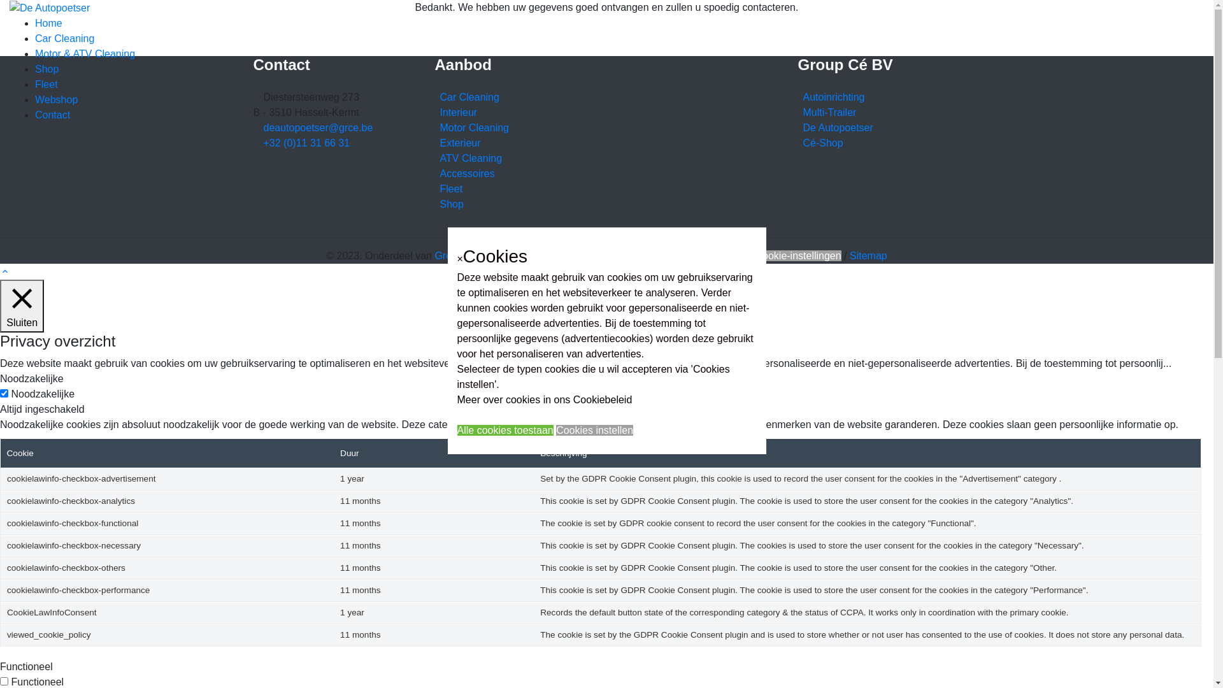  I want to click on 'Multi-Trailer', so click(826, 111).